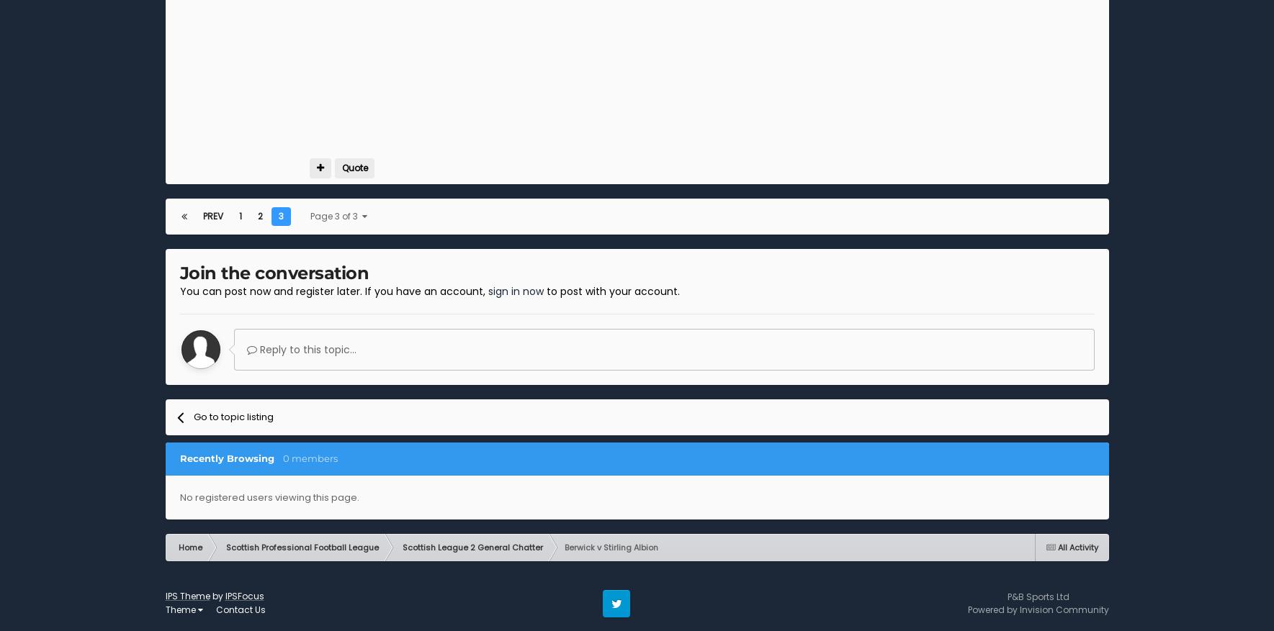 The width and height of the screenshot is (1274, 631). Describe the element at coordinates (240, 609) in the screenshot. I see `'Contact Us'` at that location.